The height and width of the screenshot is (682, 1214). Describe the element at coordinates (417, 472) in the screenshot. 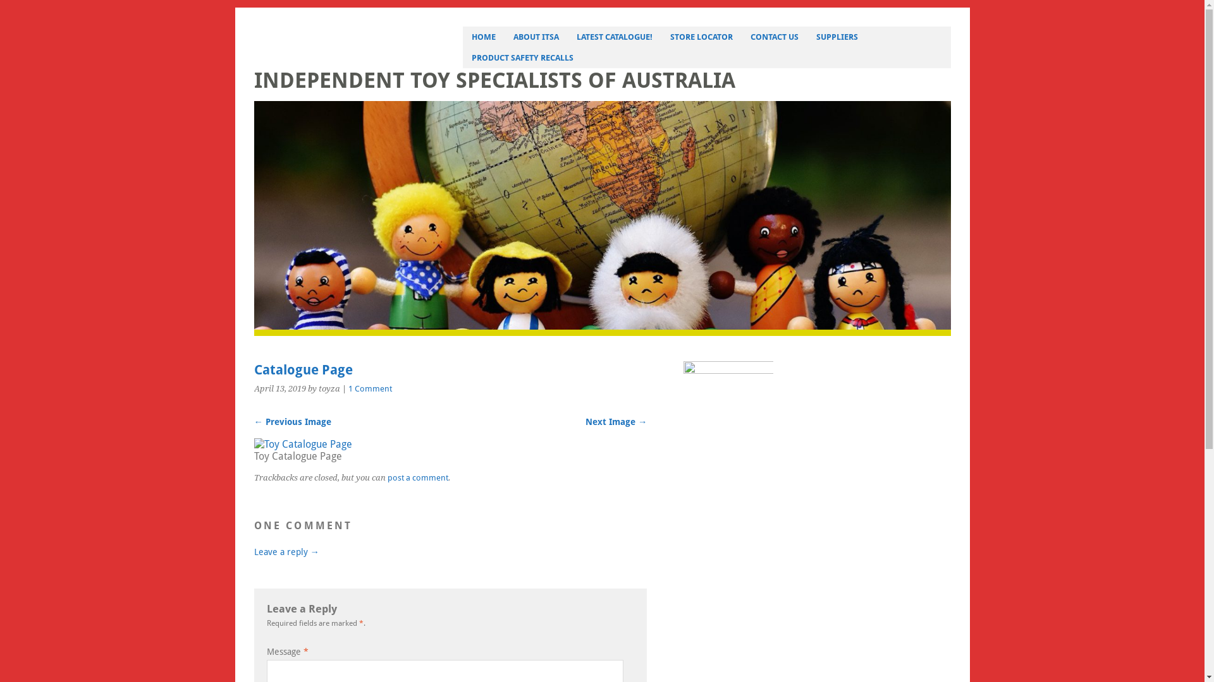

I see `'post a comment'` at that location.